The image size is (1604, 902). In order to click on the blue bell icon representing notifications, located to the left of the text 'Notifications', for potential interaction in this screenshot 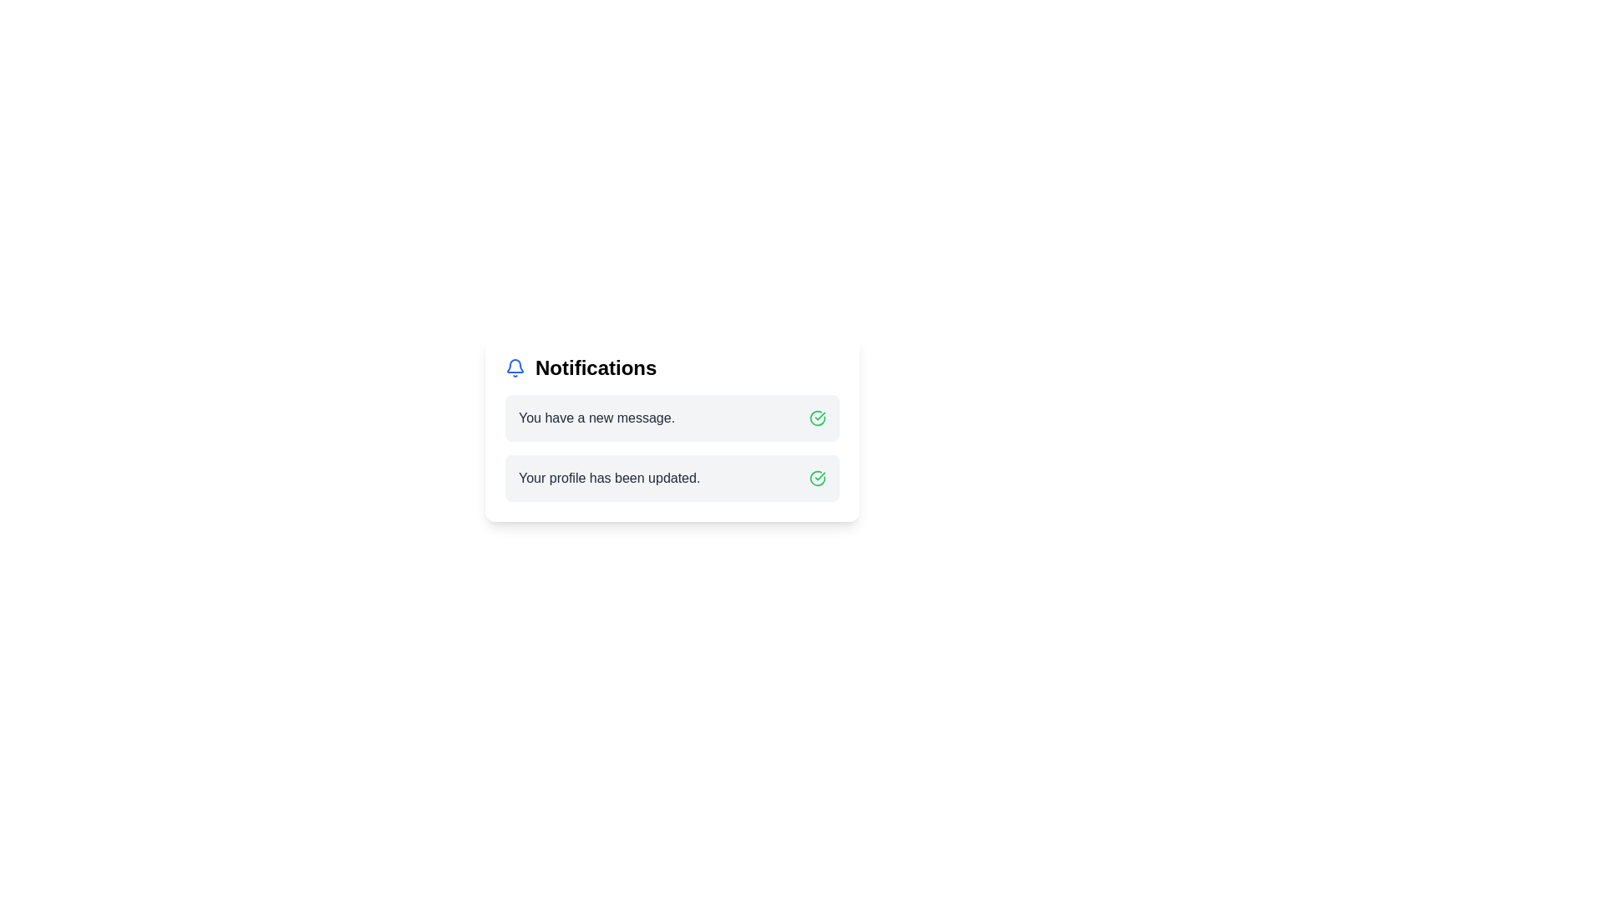, I will do `click(515, 367)`.